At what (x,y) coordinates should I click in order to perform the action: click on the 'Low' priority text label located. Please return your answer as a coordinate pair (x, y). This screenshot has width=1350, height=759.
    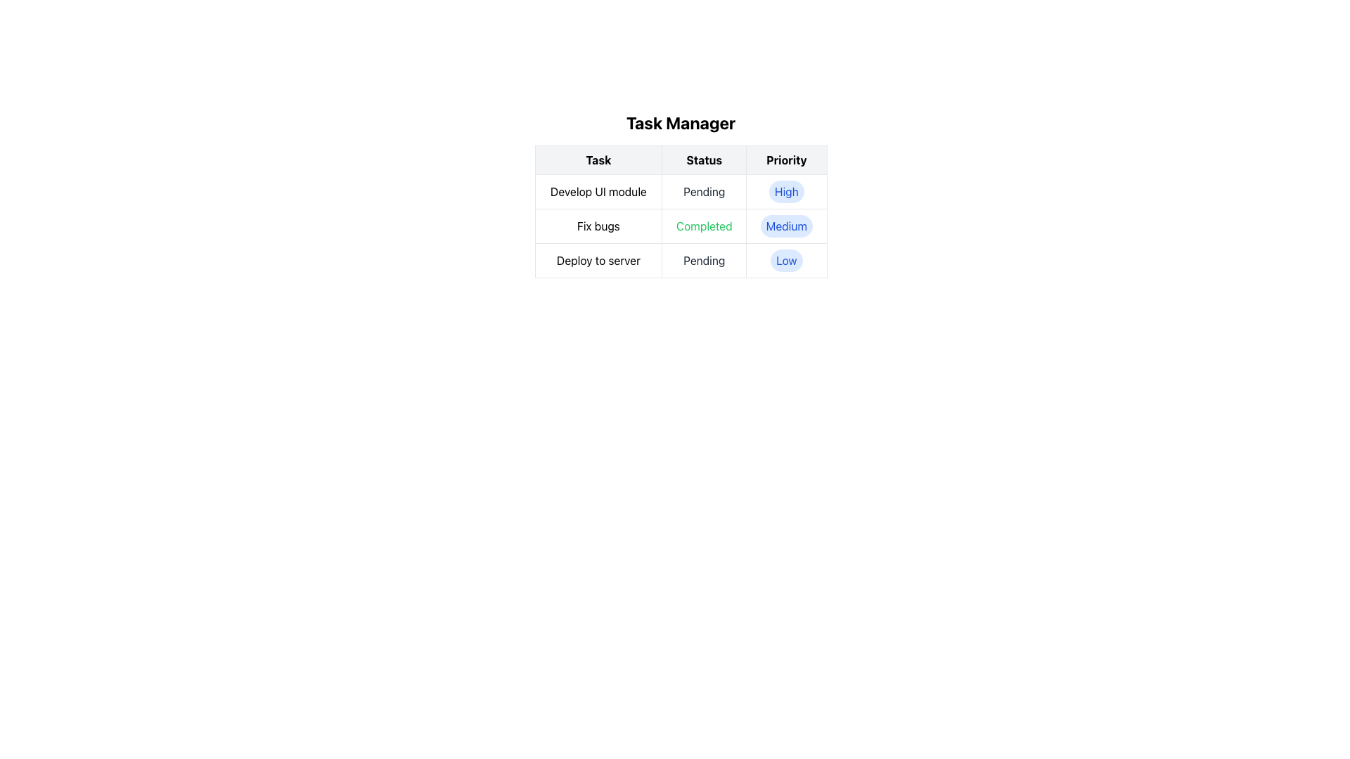
    Looking at the image, I should click on (785, 260).